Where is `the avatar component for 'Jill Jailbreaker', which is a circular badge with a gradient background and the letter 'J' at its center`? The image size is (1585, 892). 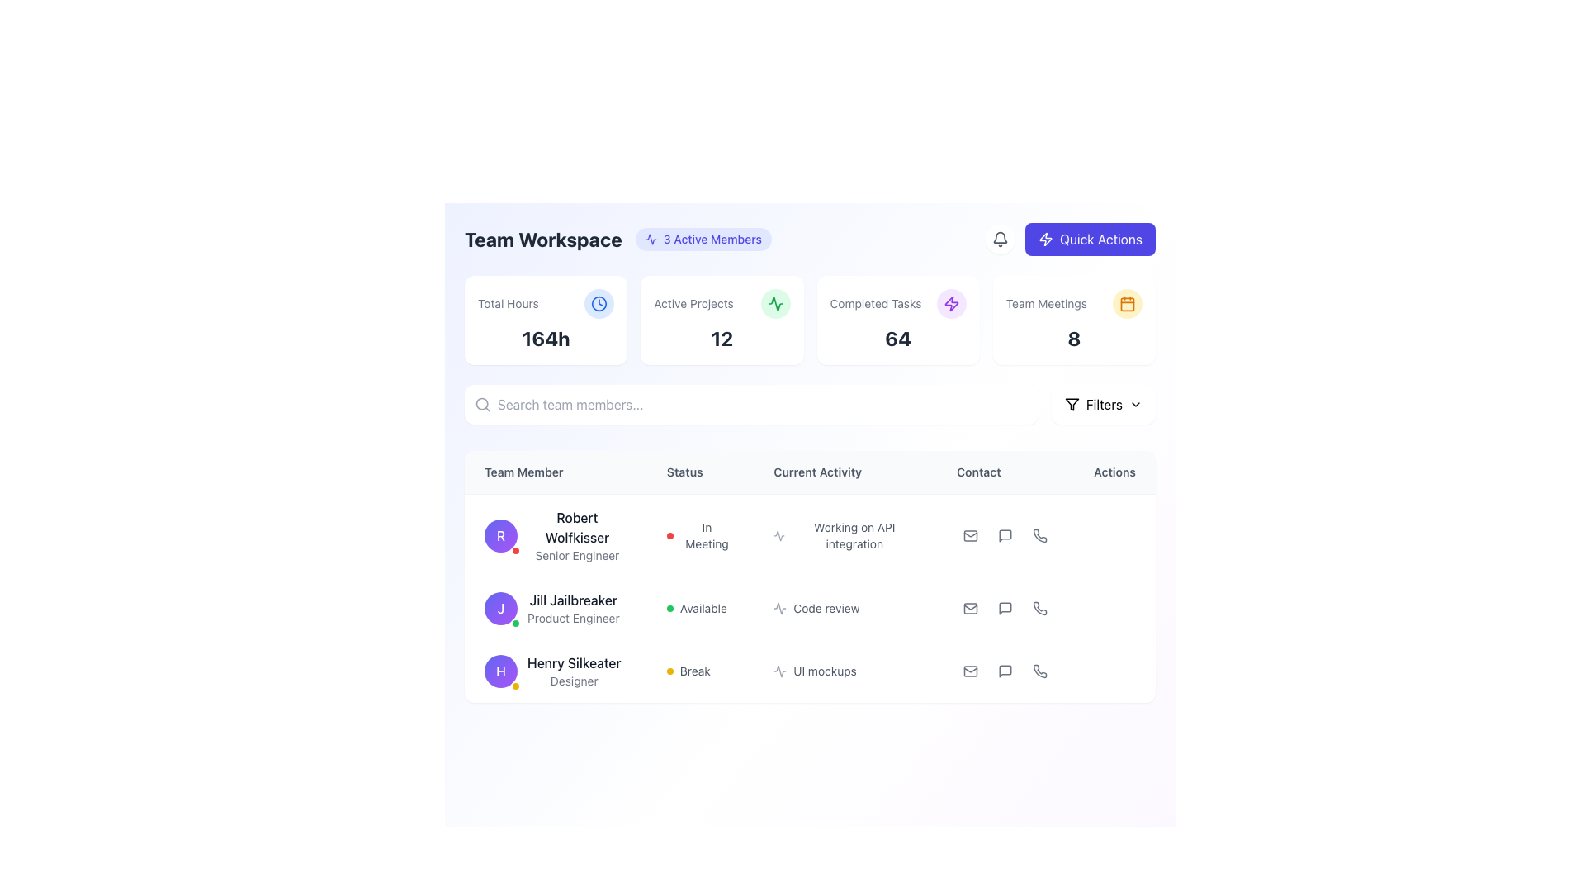 the avatar component for 'Jill Jailbreaker', which is a circular badge with a gradient background and the letter 'J' at its center is located at coordinates (499, 608).